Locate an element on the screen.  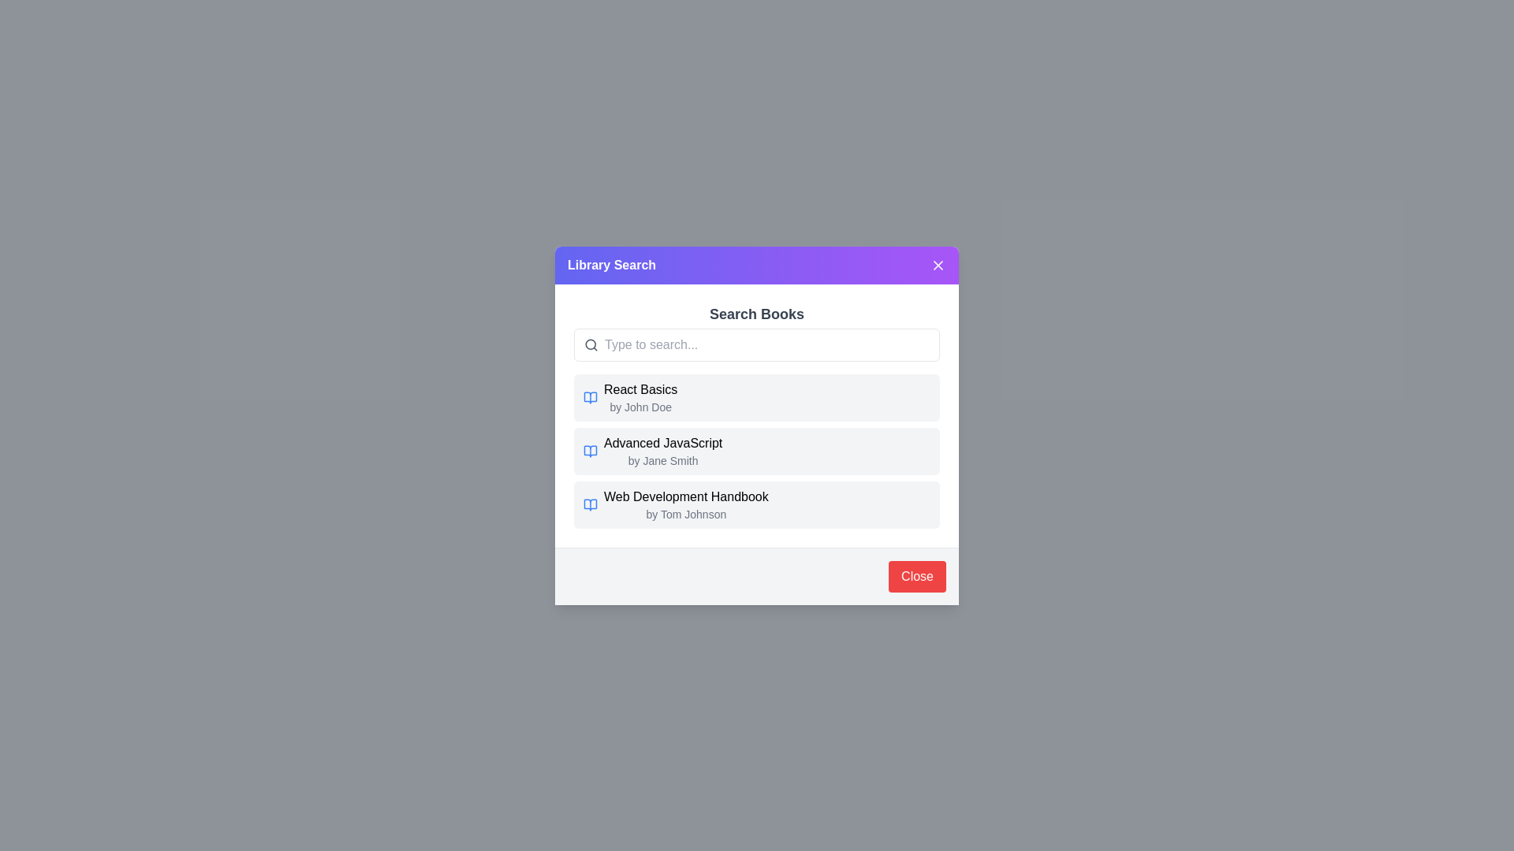
the Text Label indicating the author of the 'Advanced JavaScript' book, located below the title and slightly indented to the left is located at coordinates (663, 460).